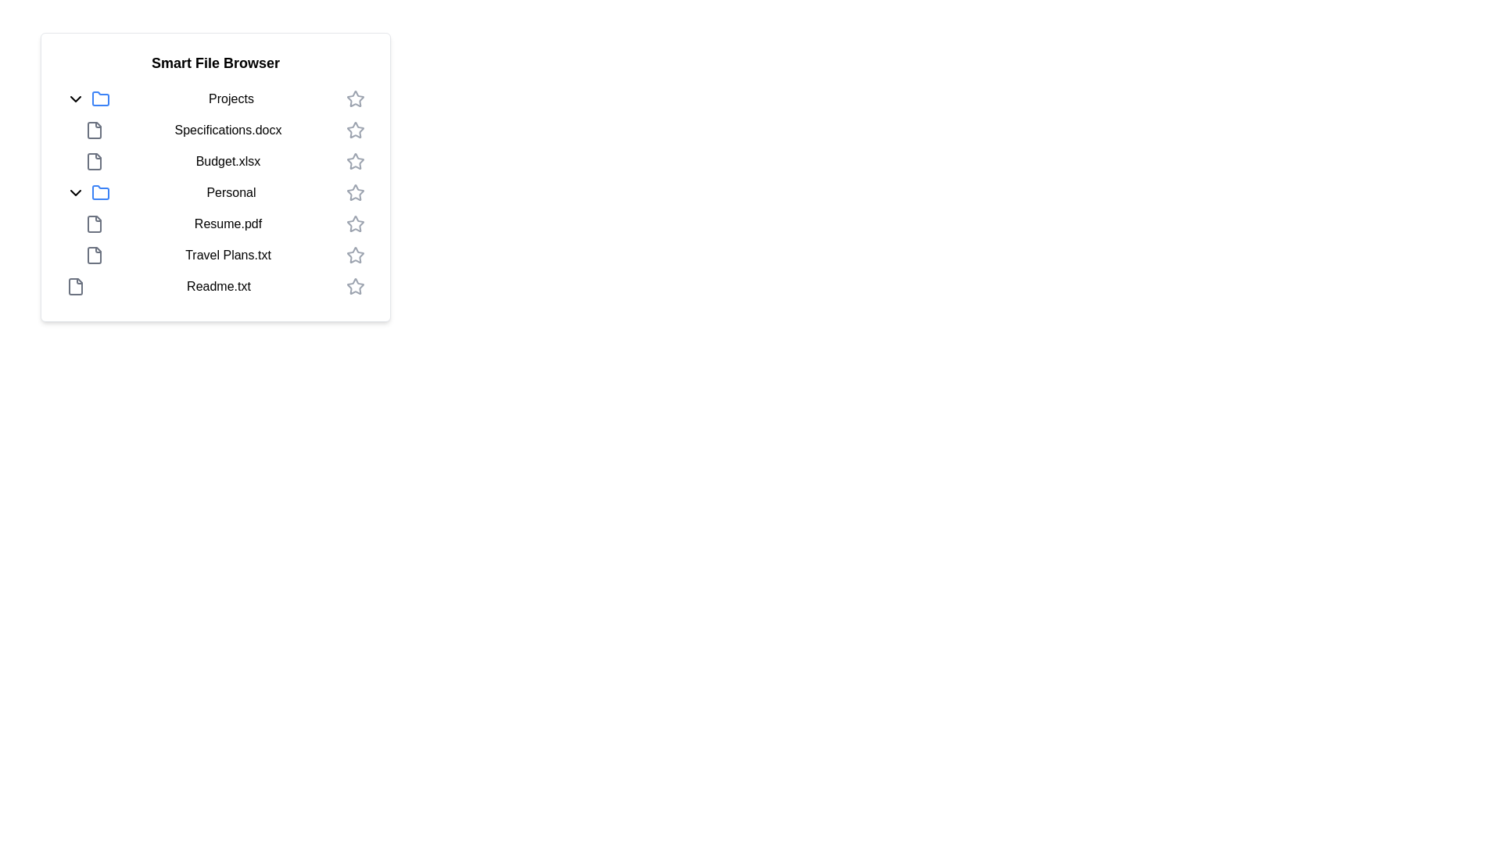  Describe the element at coordinates (214, 63) in the screenshot. I see `the text label located at the top of the section, which indicates the purpose of the file browser interface` at that location.